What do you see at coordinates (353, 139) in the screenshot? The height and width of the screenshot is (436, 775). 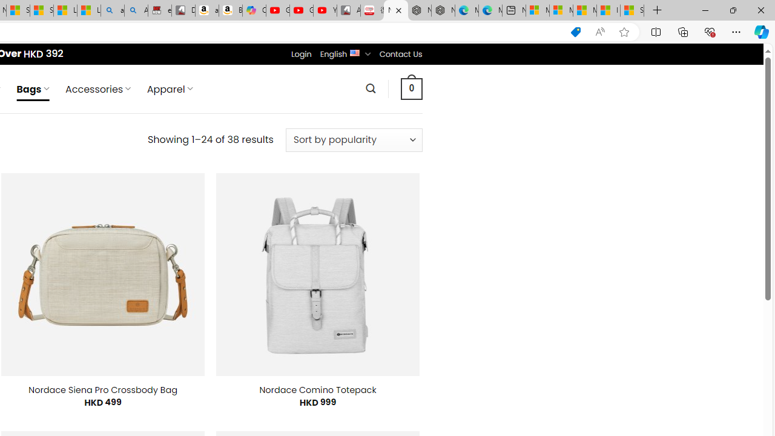 I see `'Shop order'` at bounding box center [353, 139].